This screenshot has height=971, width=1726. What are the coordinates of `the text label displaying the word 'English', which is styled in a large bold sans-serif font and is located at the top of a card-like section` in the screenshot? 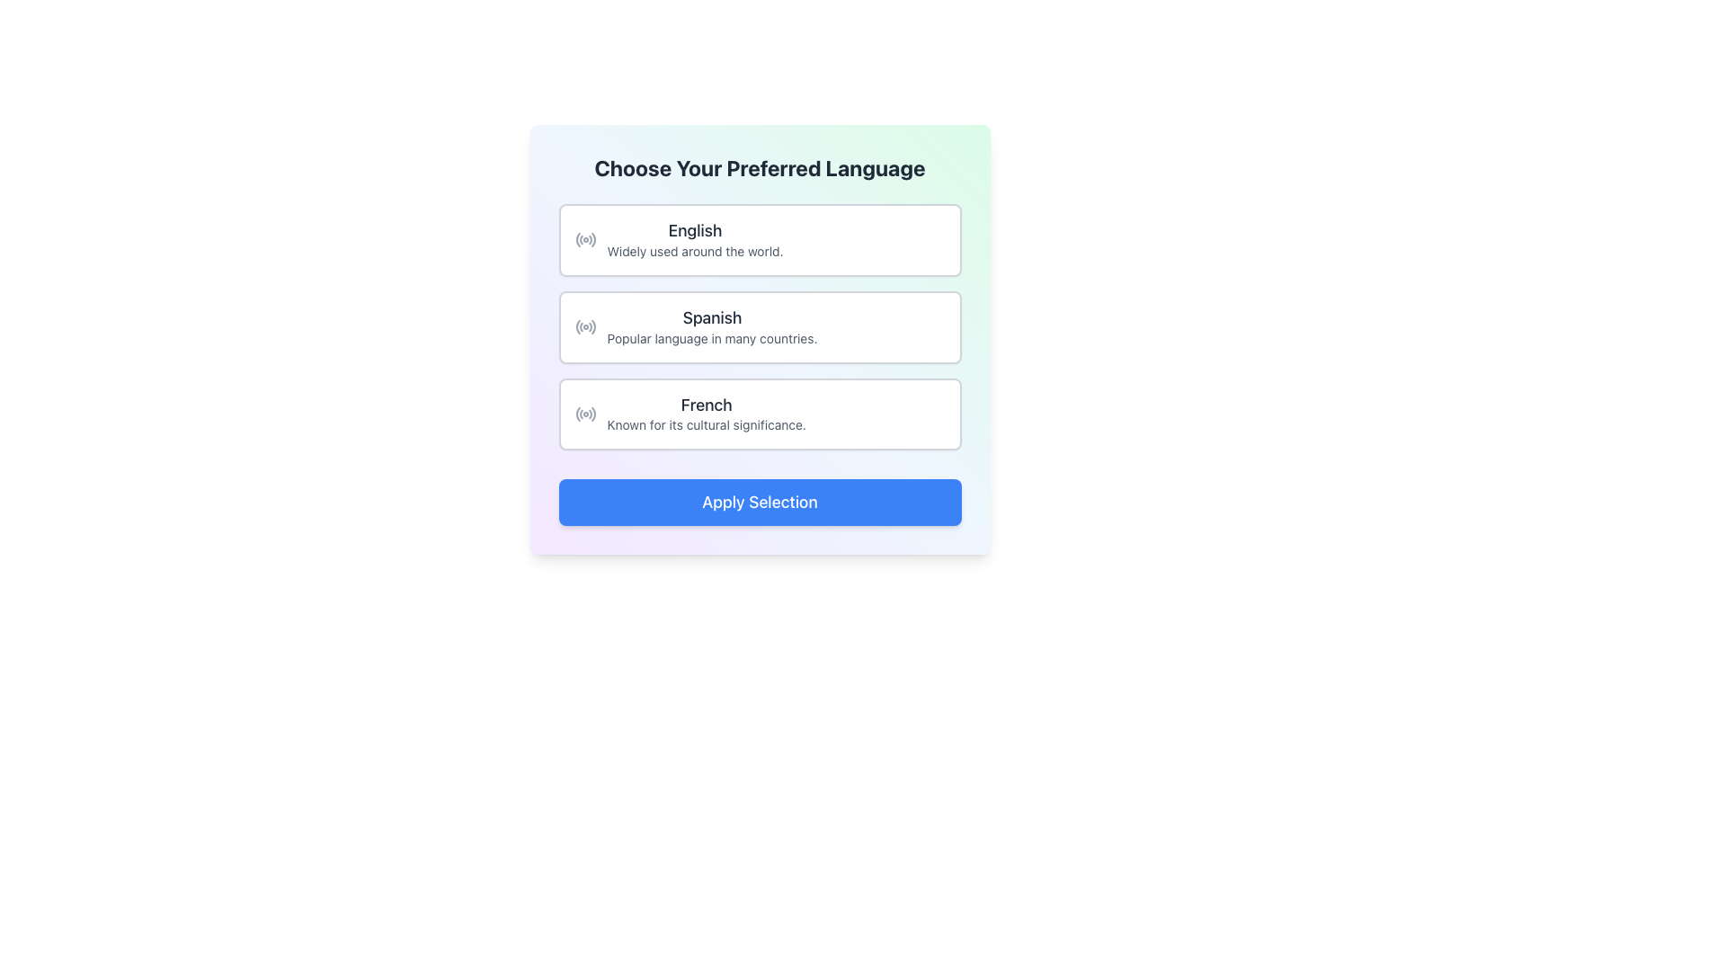 It's located at (694, 230).